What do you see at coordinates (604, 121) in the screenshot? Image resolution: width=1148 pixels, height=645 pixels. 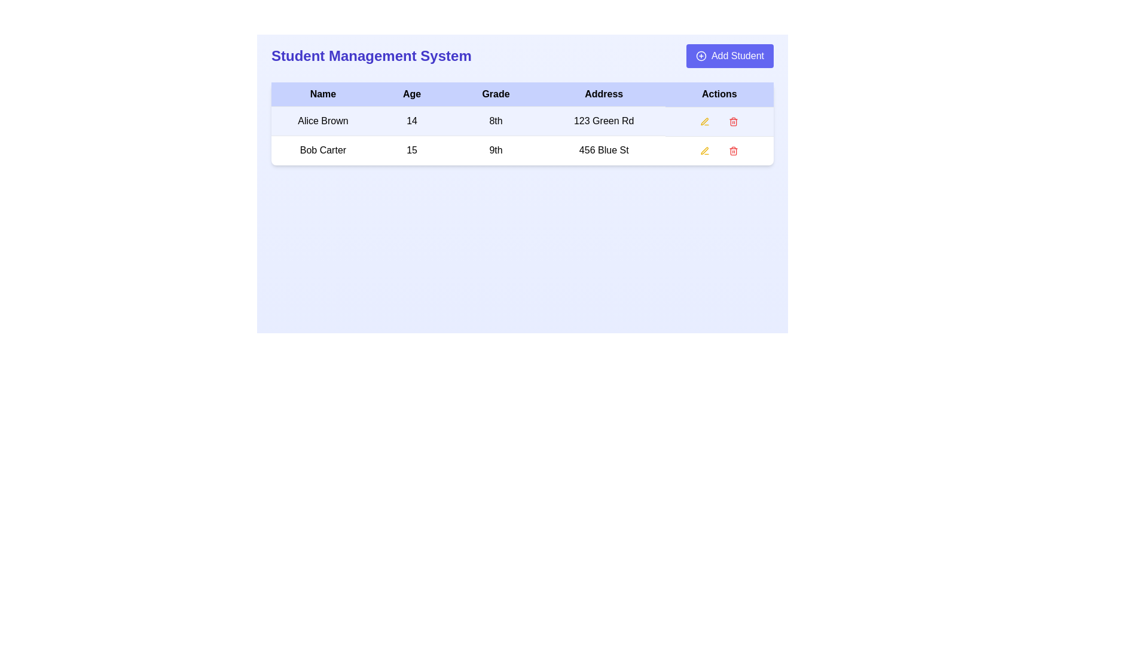 I see `the text label displaying '123 Green Rd' in the 'Address' column of the first row in the data table` at bounding box center [604, 121].